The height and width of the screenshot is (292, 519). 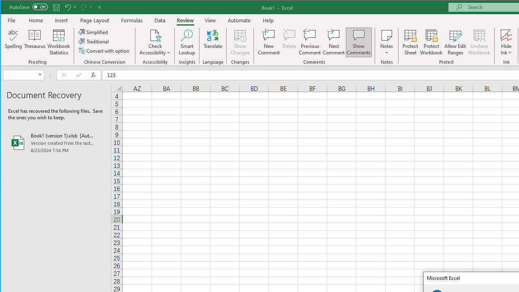 What do you see at coordinates (506, 42) in the screenshot?
I see `'Hide Ink'` at bounding box center [506, 42].